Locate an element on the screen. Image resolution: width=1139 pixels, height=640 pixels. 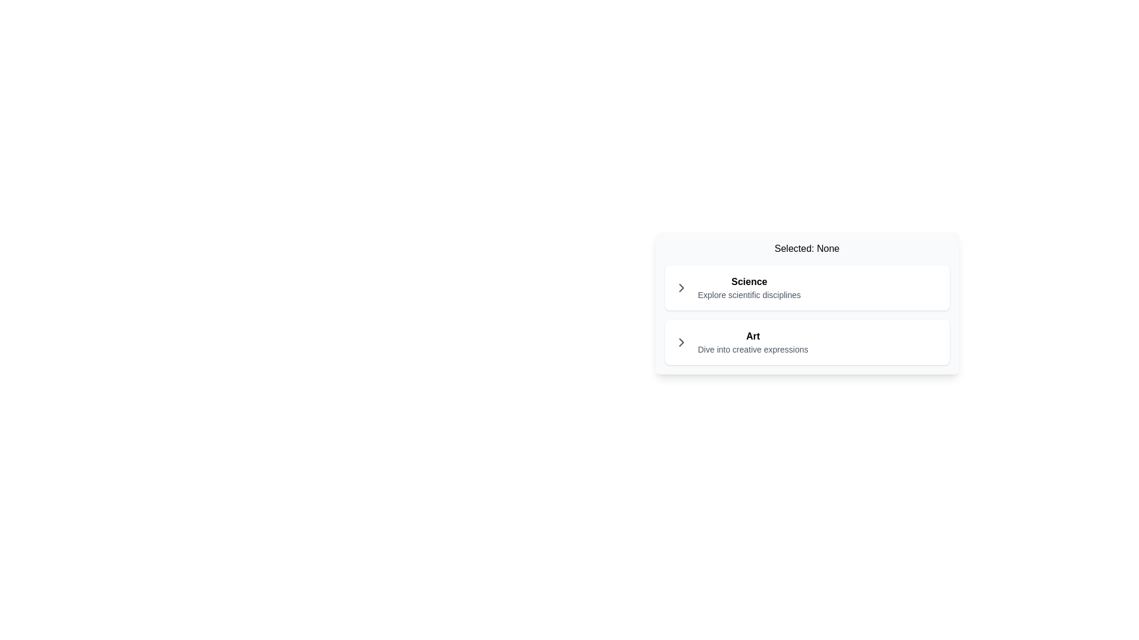
the 'Art' text label element located beneath the 'Science' label for keyboard navigation is located at coordinates (752, 336).